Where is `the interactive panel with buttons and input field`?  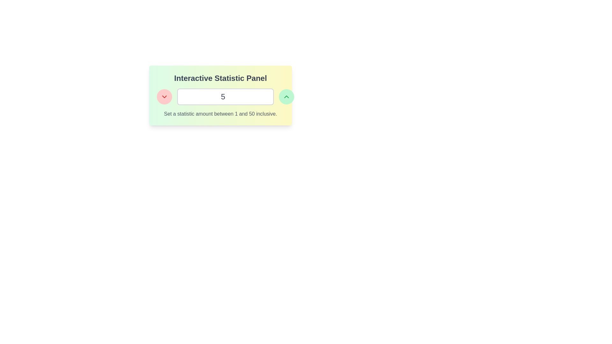 the interactive panel with buttons and input field is located at coordinates (220, 96).